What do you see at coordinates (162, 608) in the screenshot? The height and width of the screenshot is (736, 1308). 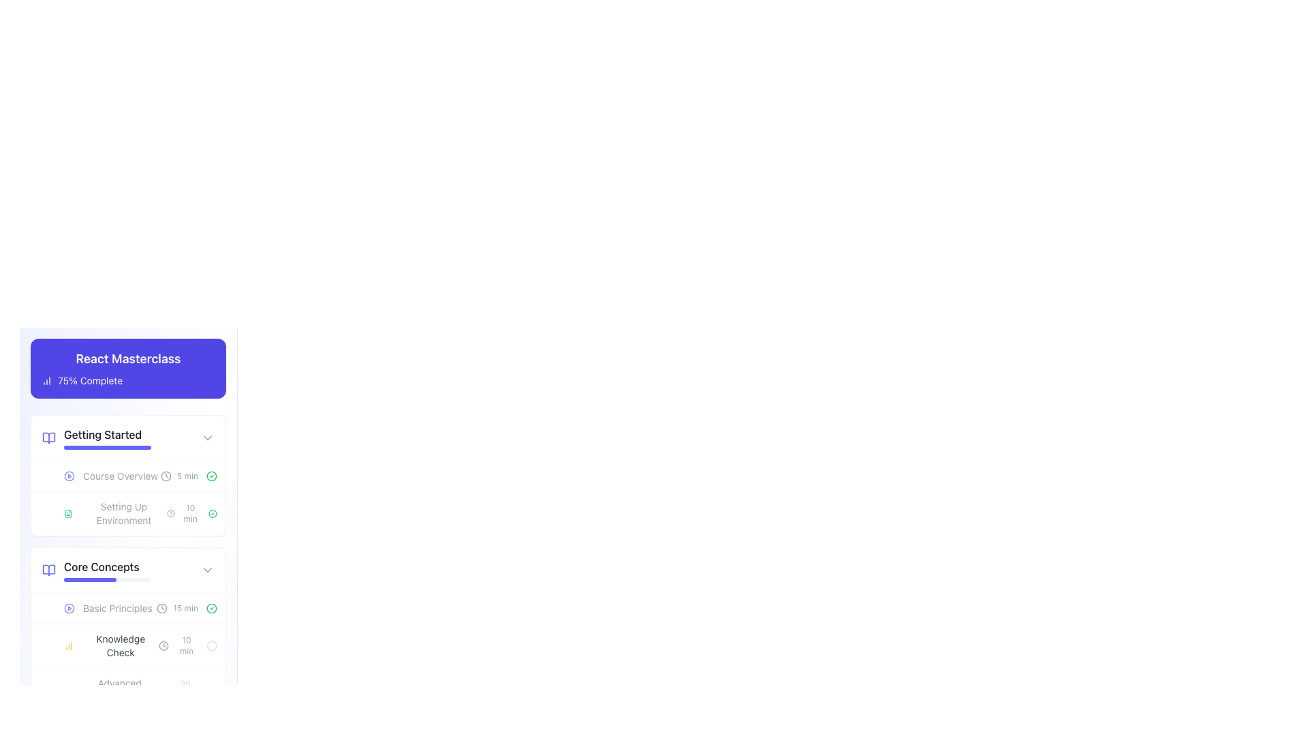 I see `indicative meaning of the Clock Icon located in the 'Core Concepts' section, specifically to the left of the '15 min' text label` at bounding box center [162, 608].